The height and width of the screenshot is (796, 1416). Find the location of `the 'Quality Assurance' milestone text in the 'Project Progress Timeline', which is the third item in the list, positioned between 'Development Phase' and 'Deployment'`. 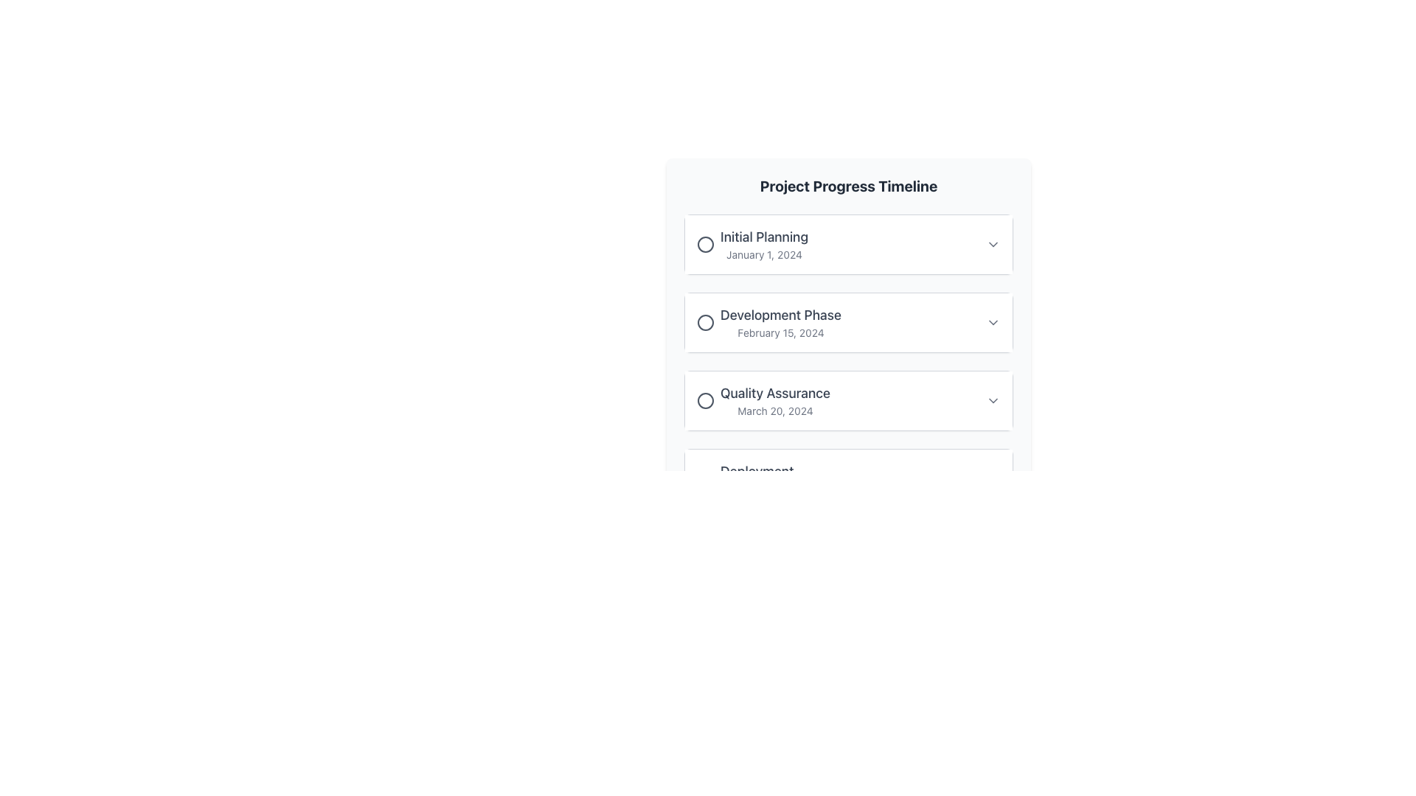

the 'Quality Assurance' milestone text in the 'Project Progress Timeline', which is the third item in the list, positioned between 'Development Phase' and 'Deployment' is located at coordinates (774, 400).